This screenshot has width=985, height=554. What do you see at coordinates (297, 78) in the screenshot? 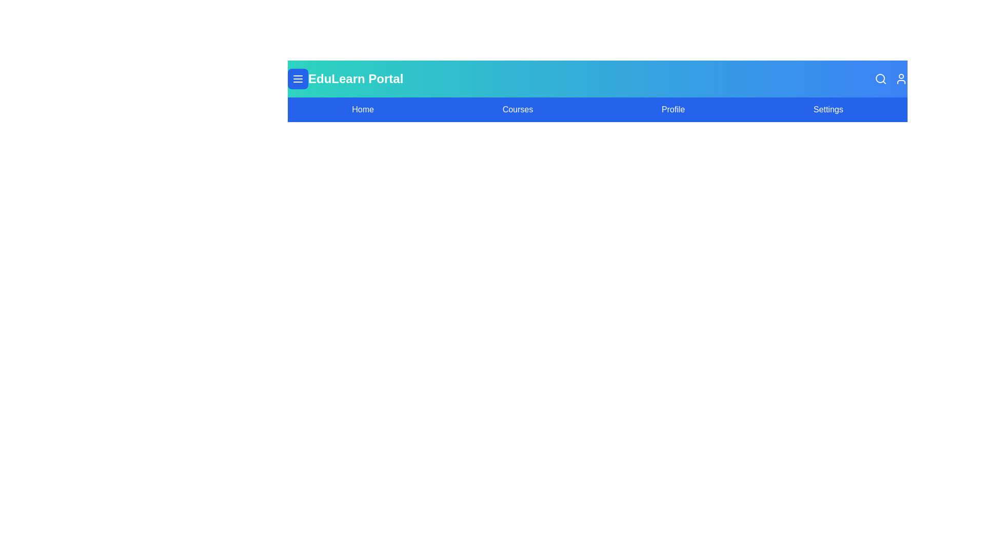
I see `the menu icon to toggle the menu visibility` at bounding box center [297, 78].